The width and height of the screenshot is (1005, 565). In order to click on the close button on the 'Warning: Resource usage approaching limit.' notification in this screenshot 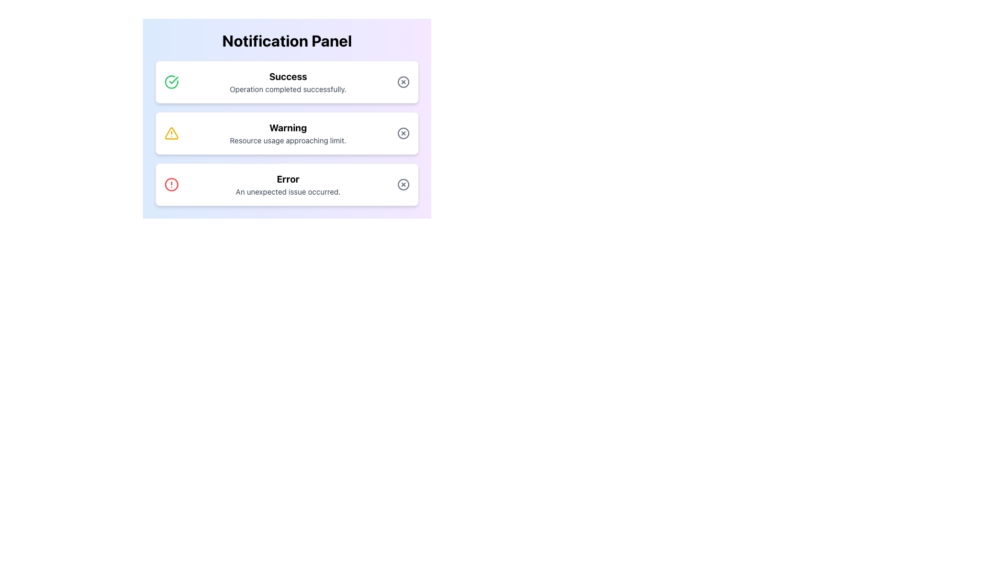, I will do `click(403, 132)`.